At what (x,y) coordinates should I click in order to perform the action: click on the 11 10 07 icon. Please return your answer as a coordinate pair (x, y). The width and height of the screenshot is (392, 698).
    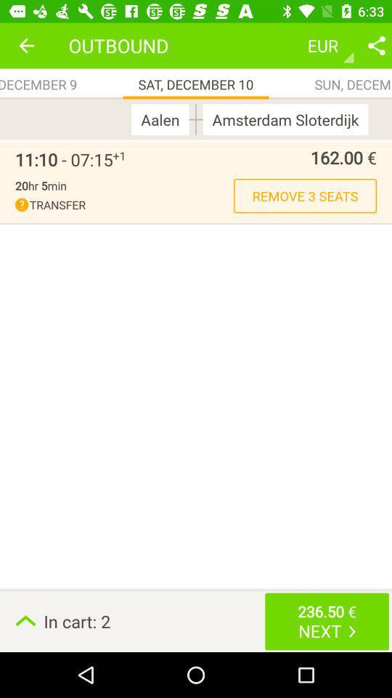
    Looking at the image, I should click on (63, 159).